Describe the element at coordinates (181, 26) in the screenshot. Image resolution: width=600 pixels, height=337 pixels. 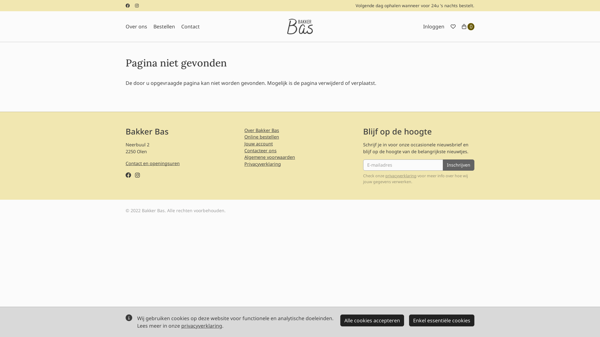
I see `'Contact'` at that location.